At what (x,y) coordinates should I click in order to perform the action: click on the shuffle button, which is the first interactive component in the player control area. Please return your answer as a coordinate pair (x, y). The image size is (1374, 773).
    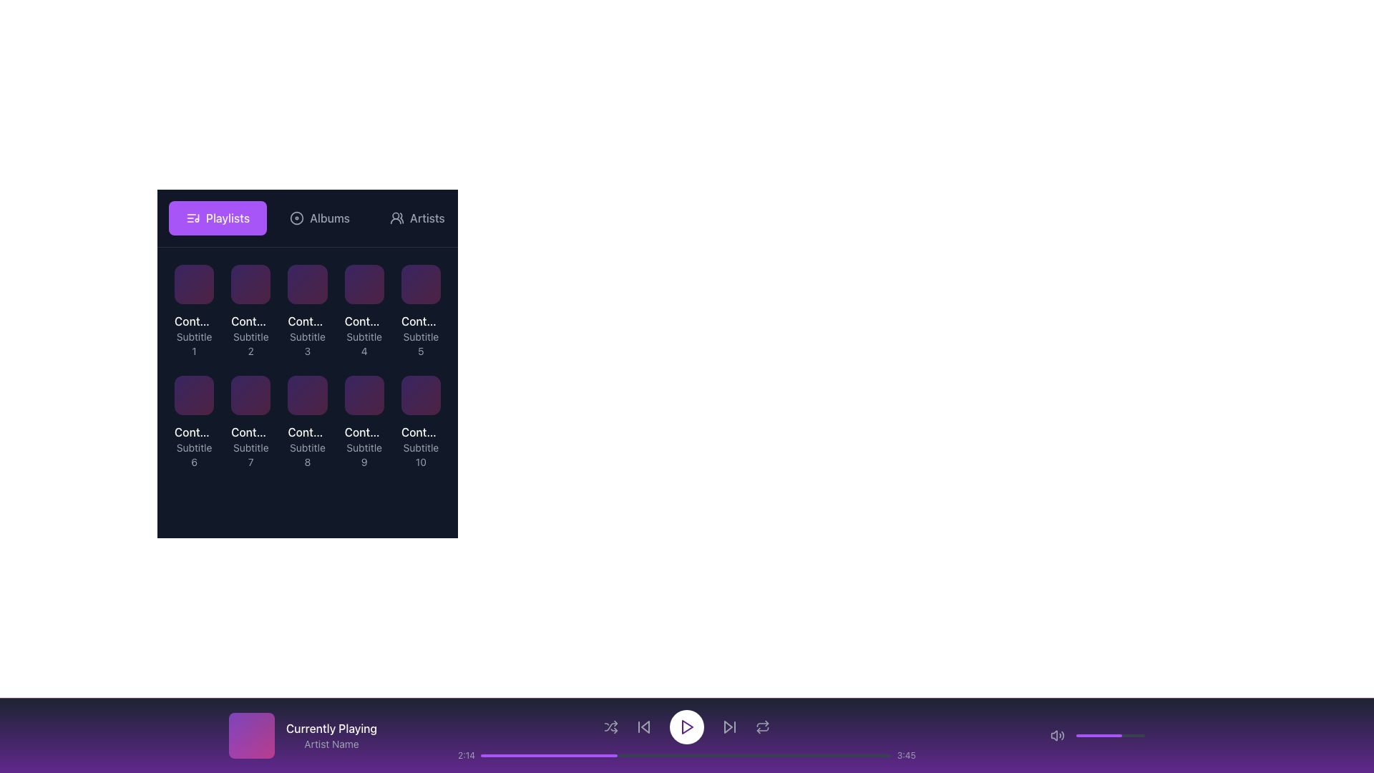
    Looking at the image, I should click on (611, 726).